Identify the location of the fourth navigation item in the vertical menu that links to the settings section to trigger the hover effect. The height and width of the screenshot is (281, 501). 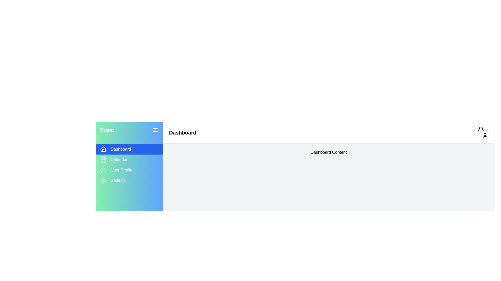
(129, 180).